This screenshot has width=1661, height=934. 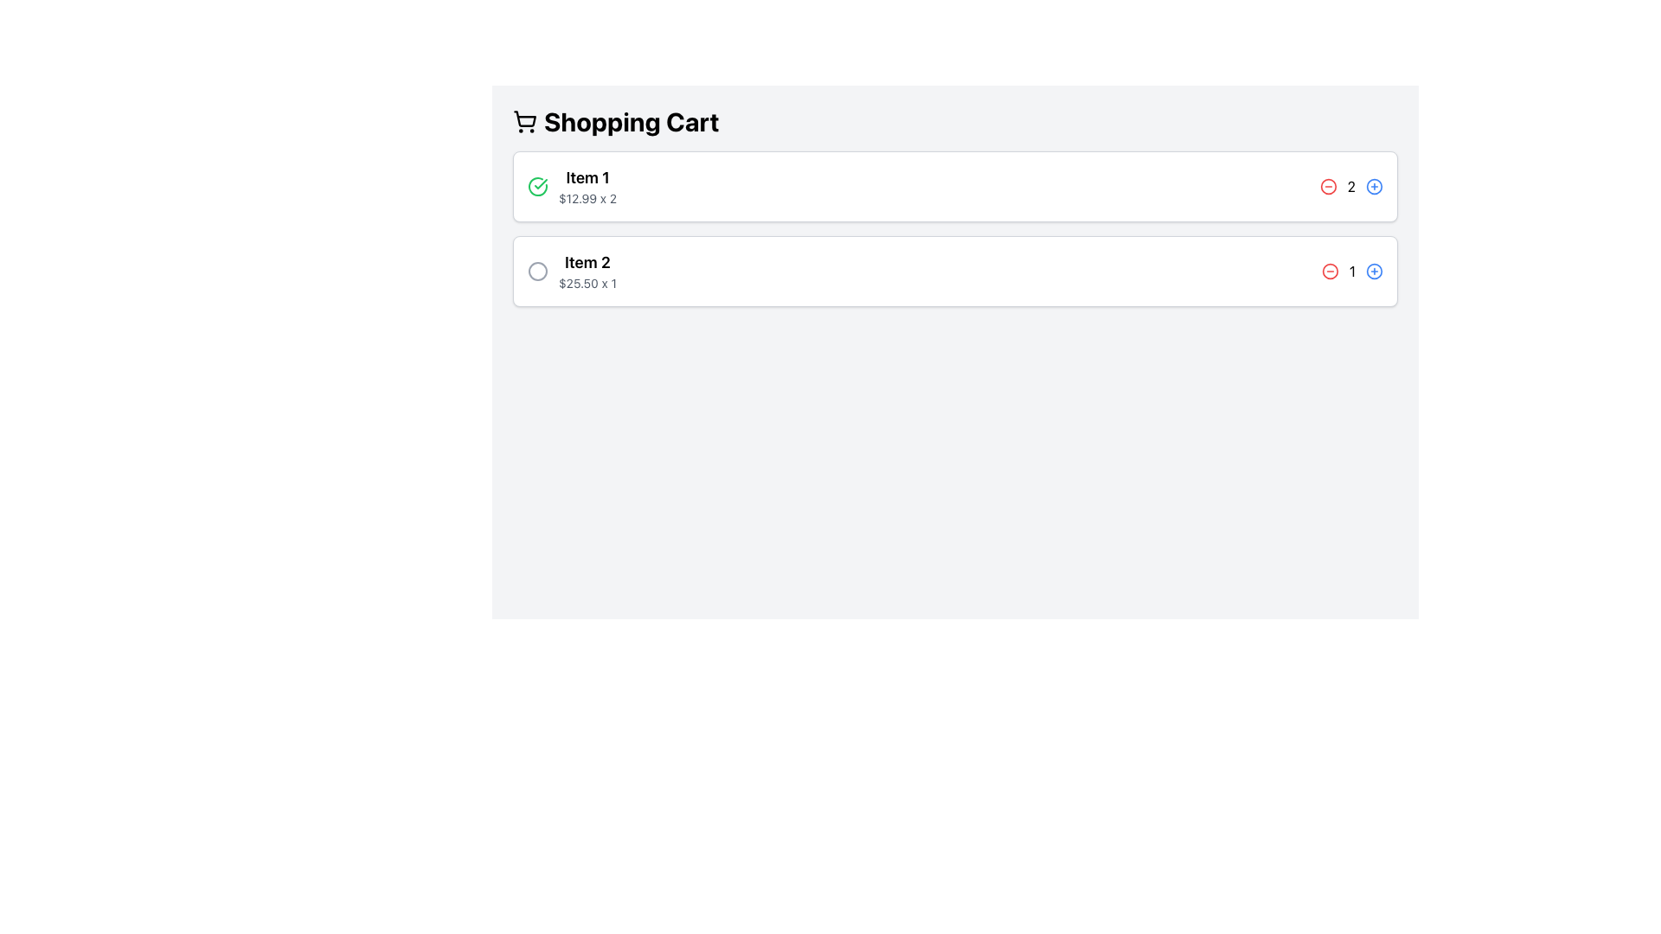 I want to click on details of the first item in the shopping cart displayed by the text label positioned above 'Item 2' and to the right of the green checkmark icon, so click(x=587, y=187).